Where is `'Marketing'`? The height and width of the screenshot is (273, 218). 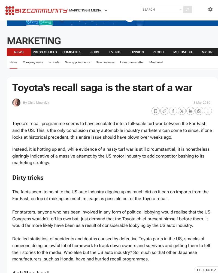 'Marketing' is located at coordinates (7, 41).